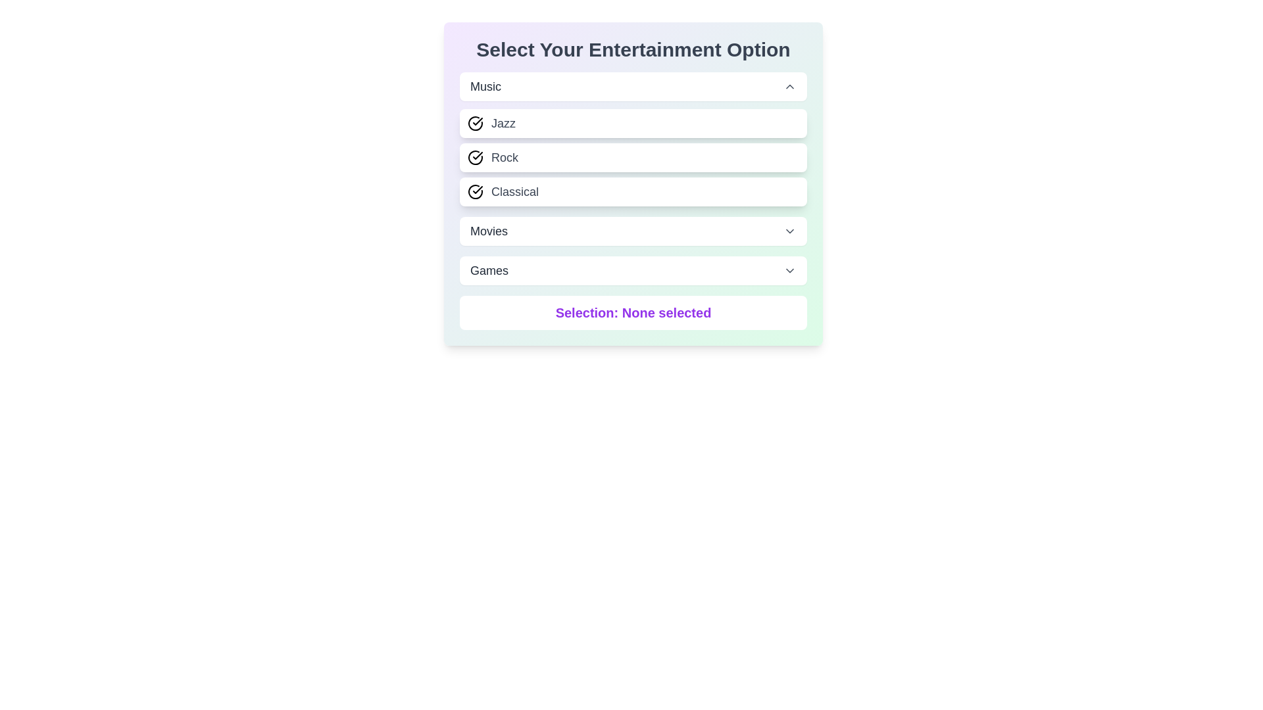 This screenshot has height=710, width=1263. Describe the element at coordinates (633, 156) in the screenshot. I see `the 'Rock' option in the selectable list under the 'Music' section` at that location.